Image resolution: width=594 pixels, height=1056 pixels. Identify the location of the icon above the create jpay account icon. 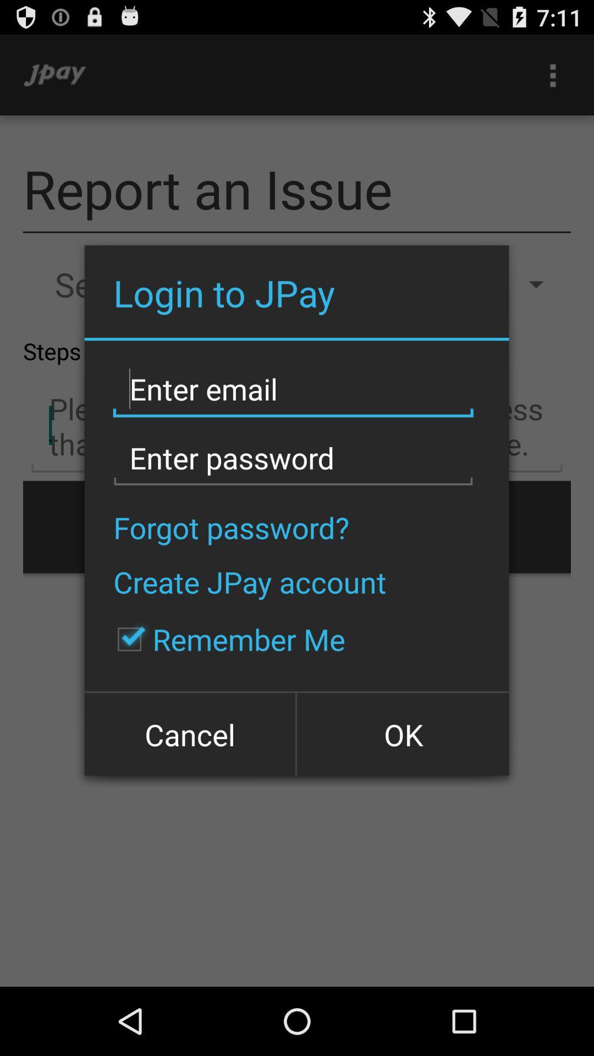
(230, 526).